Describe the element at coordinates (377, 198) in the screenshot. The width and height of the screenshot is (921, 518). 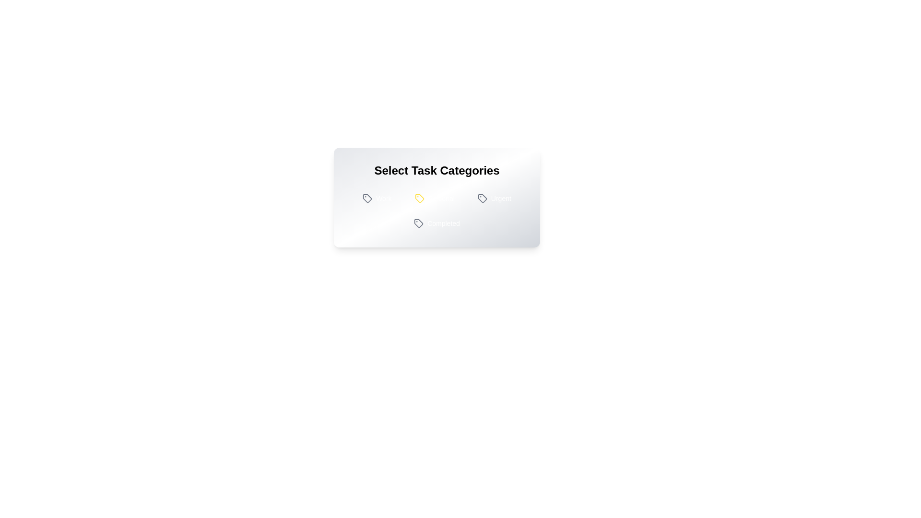
I see `the category chip labeled Work` at that location.